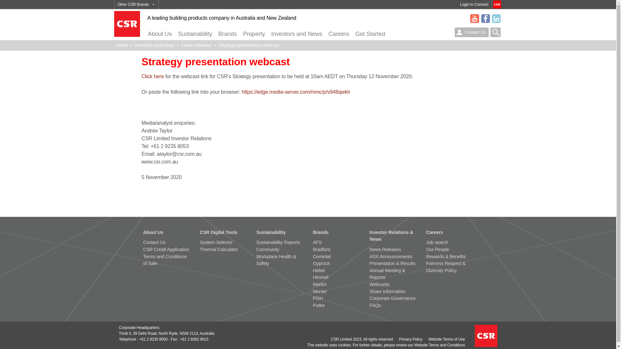  Describe the element at coordinates (196, 45) in the screenshot. I see `'News releases'` at that location.